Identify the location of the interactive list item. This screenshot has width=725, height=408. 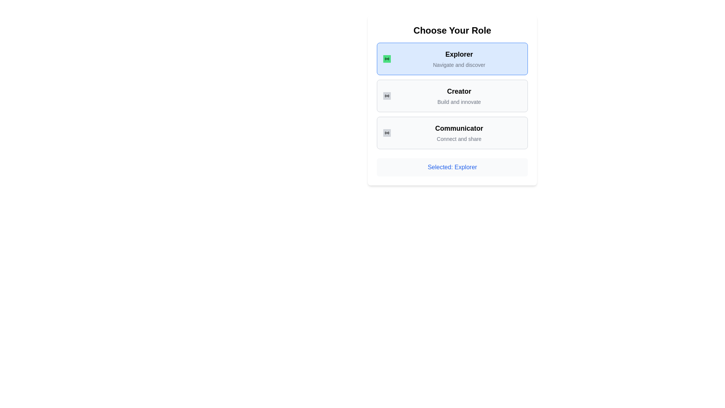
(458, 96).